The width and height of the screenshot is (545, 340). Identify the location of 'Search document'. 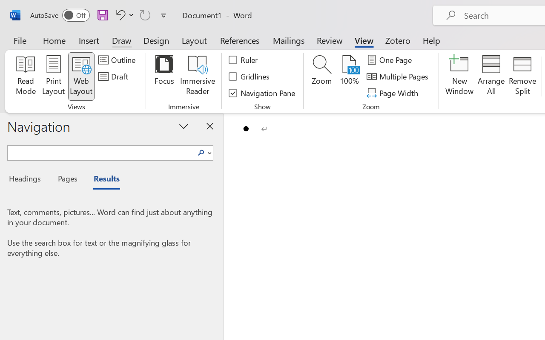
(101, 152).